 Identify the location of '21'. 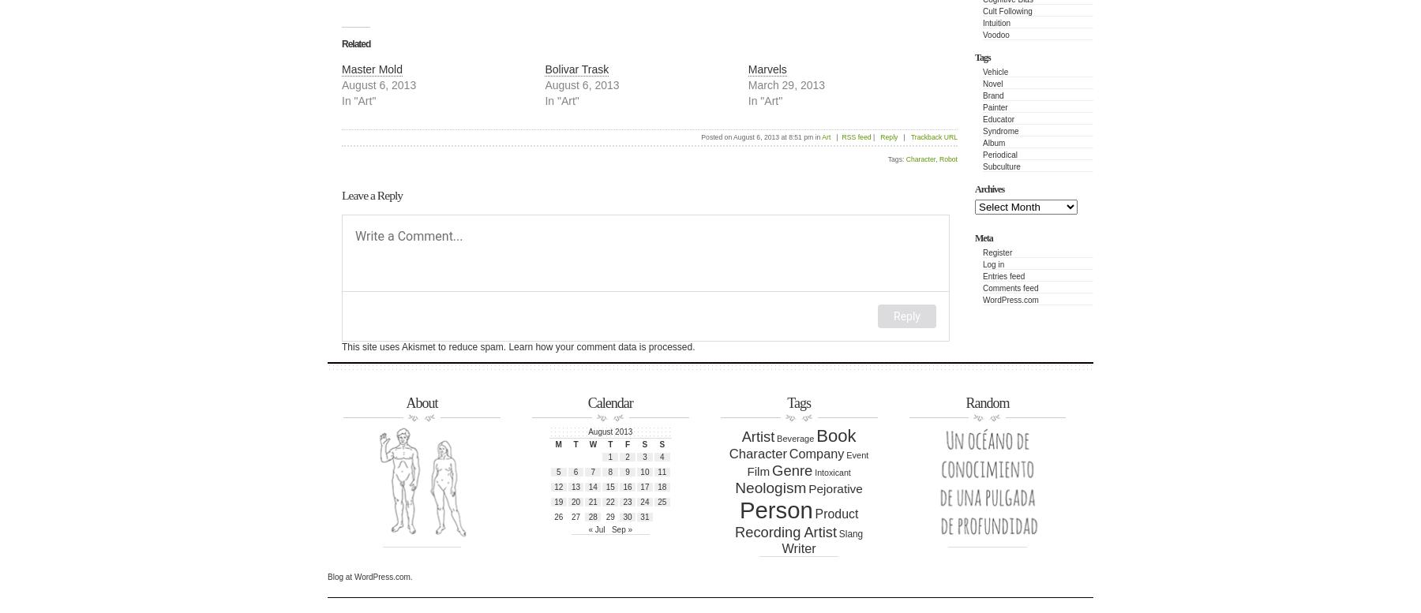
(591, 500).